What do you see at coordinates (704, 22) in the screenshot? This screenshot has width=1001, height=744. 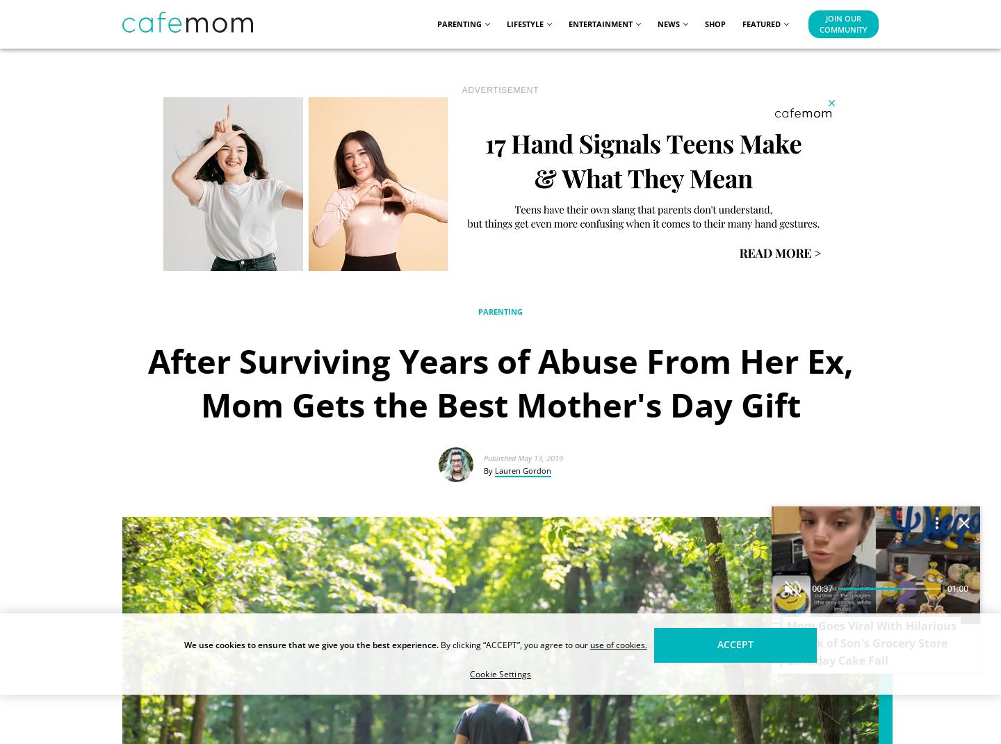 I see `'Shop'` at bounding box center [704, 22].